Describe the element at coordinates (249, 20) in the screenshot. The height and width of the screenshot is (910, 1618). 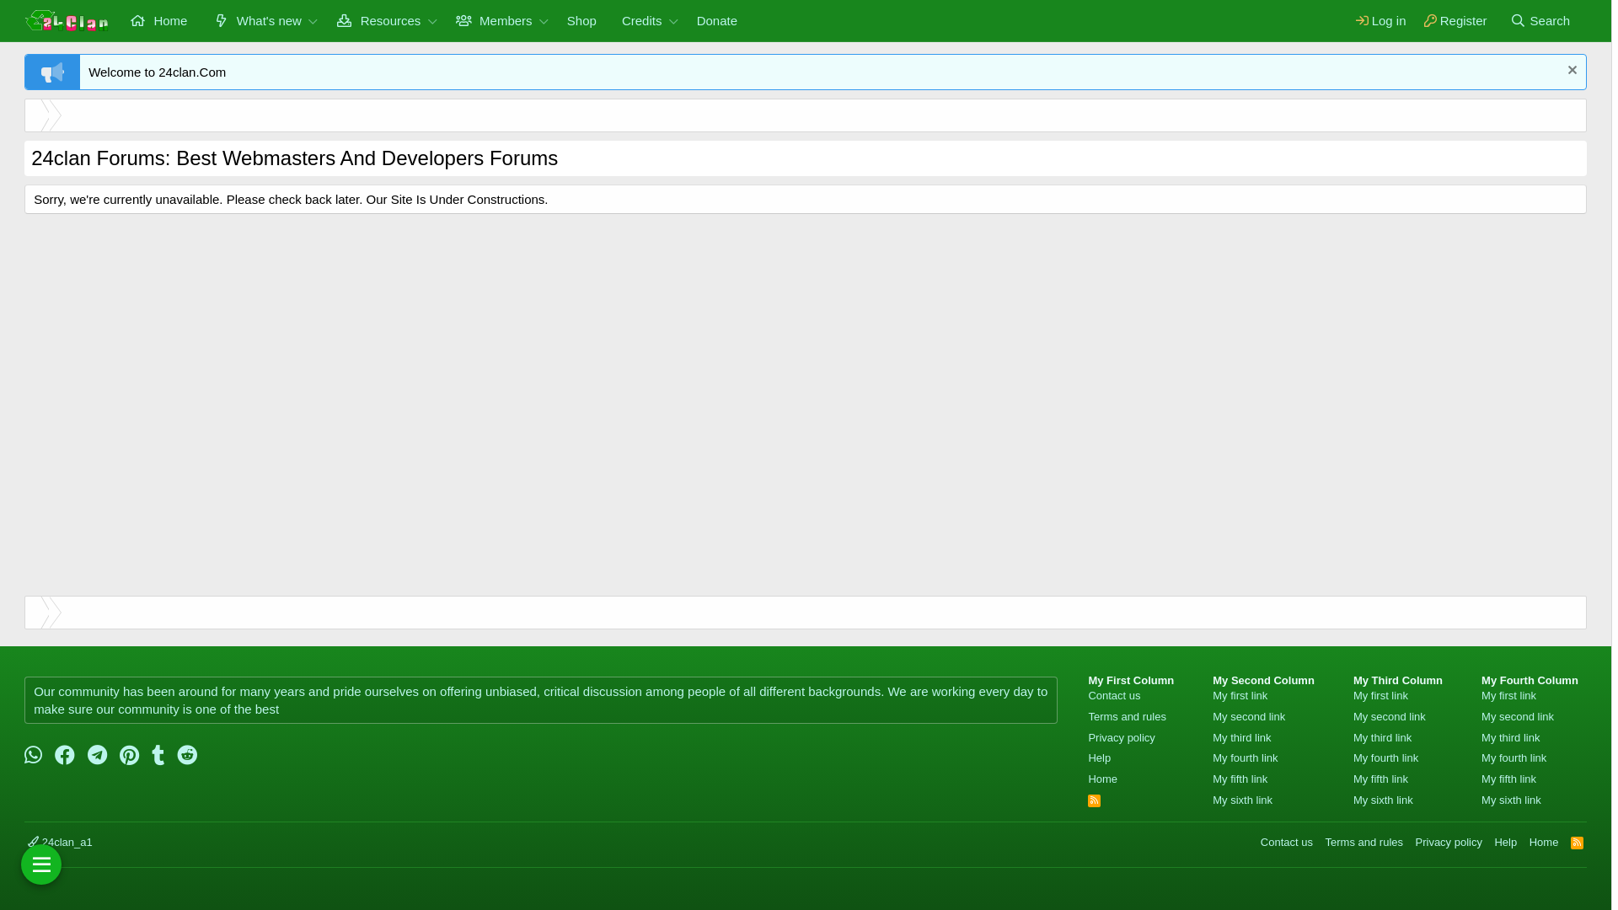
I see `'What's new'` at that location.